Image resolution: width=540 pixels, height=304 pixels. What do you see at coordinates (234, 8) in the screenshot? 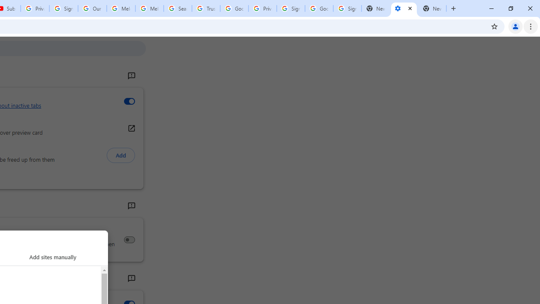
I see `'Google Ads - Sign in'` at bounding box center [234, 8].